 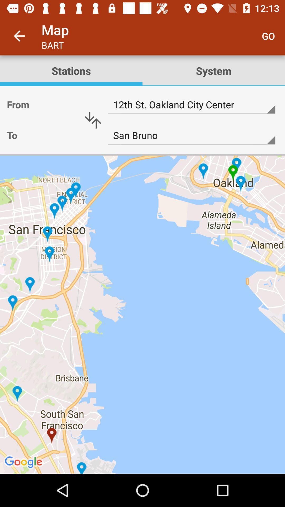 What do you see at coordinates (93, 120) in the screenshot?
I see `icon to the left of 12th st oakland item` at bounding box center [93, 120].